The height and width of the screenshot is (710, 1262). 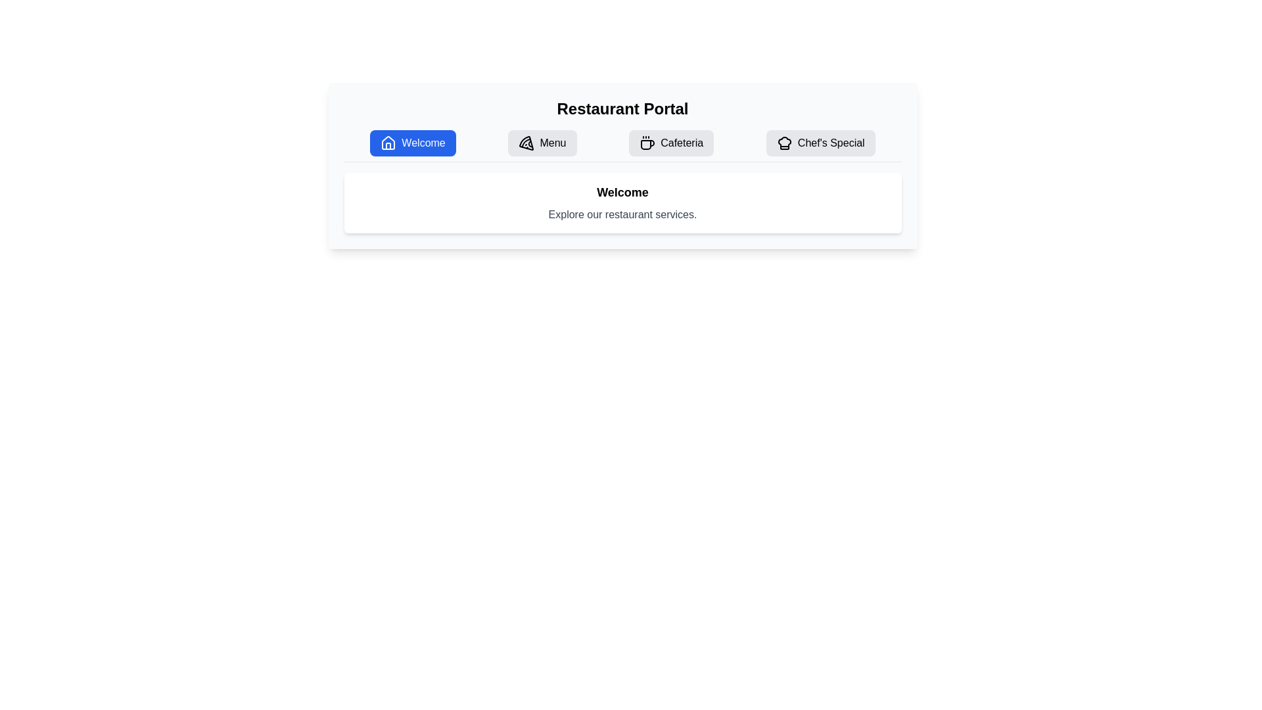 What do you see at coordinates (526, 143) in the screenshot?
I see `the 'Menu' button icon located on the navigation bar, positioned between the 'Welcome' button and the 'Cafeteria' button` at bounding box center [526, 143].